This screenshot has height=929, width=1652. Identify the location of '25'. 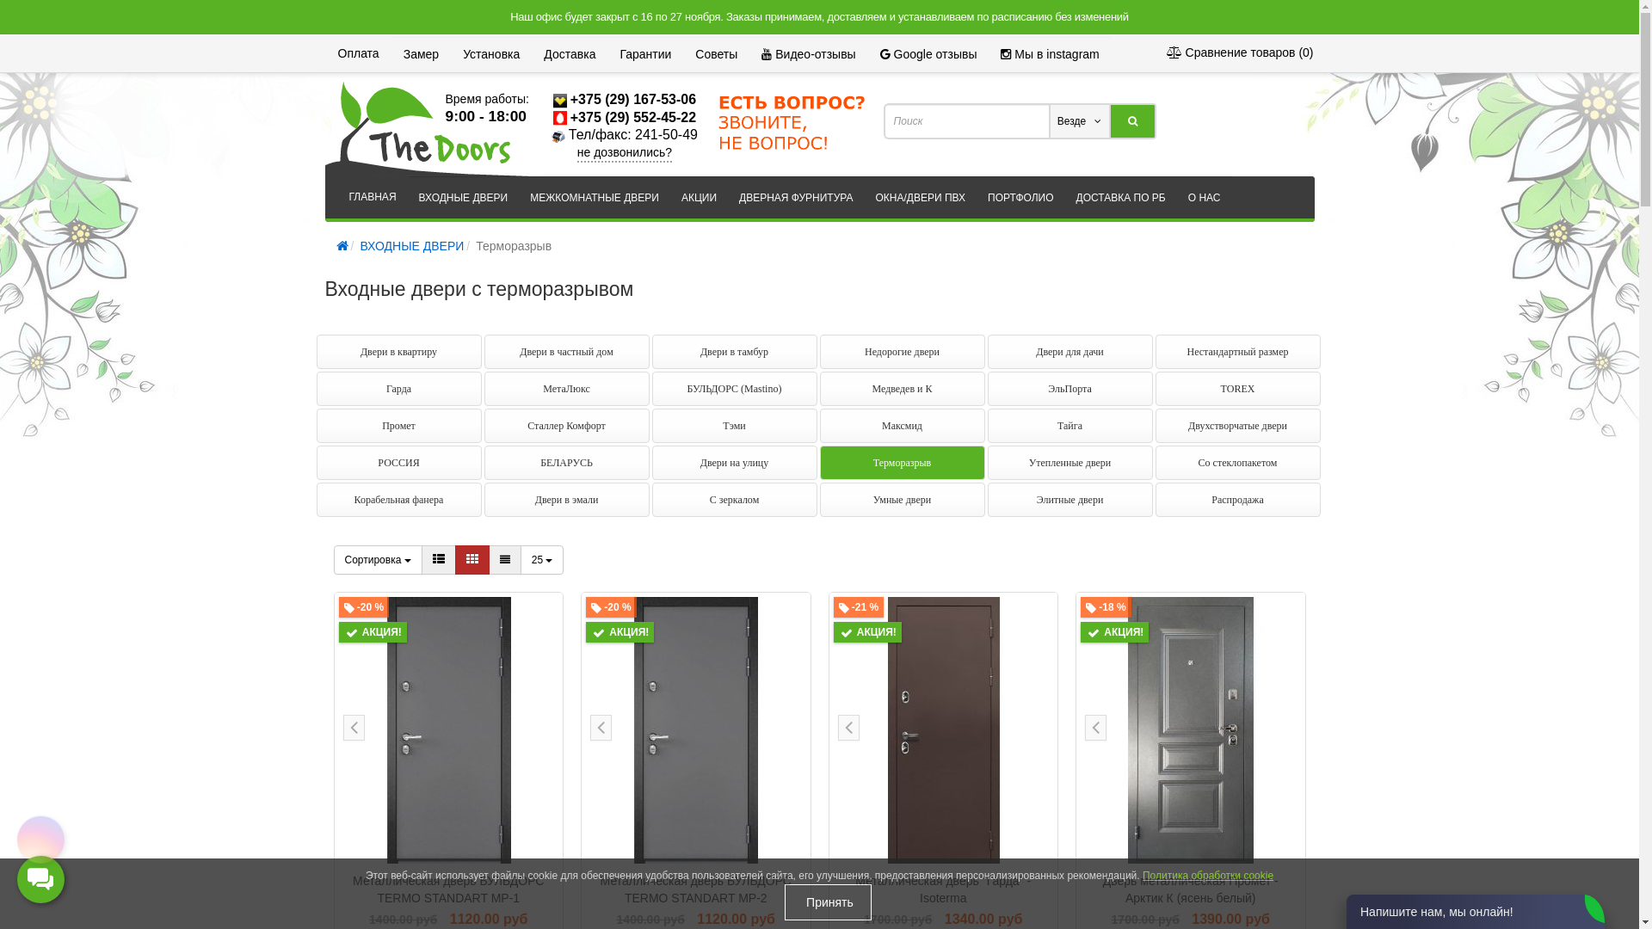
(541, 560).